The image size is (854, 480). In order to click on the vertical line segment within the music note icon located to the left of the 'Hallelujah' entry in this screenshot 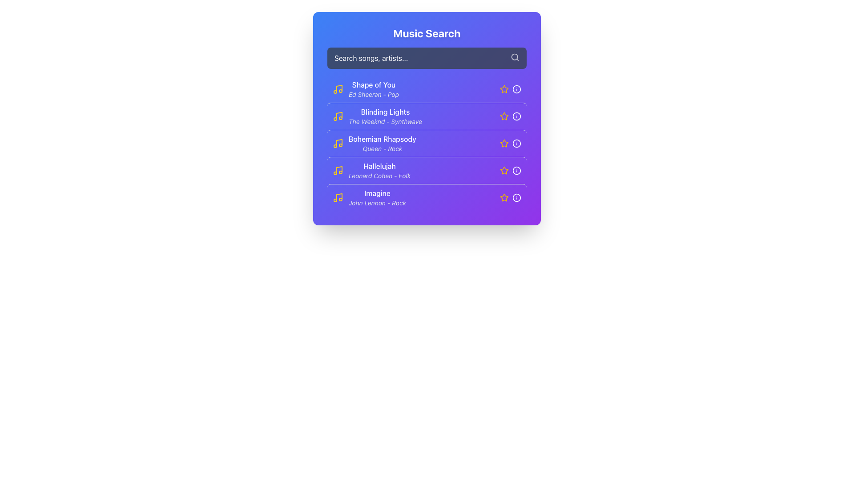, I will do `click(339, 170)`.